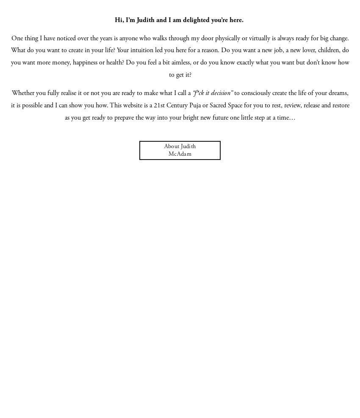 The height and width of the screenshot is (418, 360). What do you see at coordinates (180, 25) in the screenshot?
I see `'My Book'` at bounding box center [180, 25].